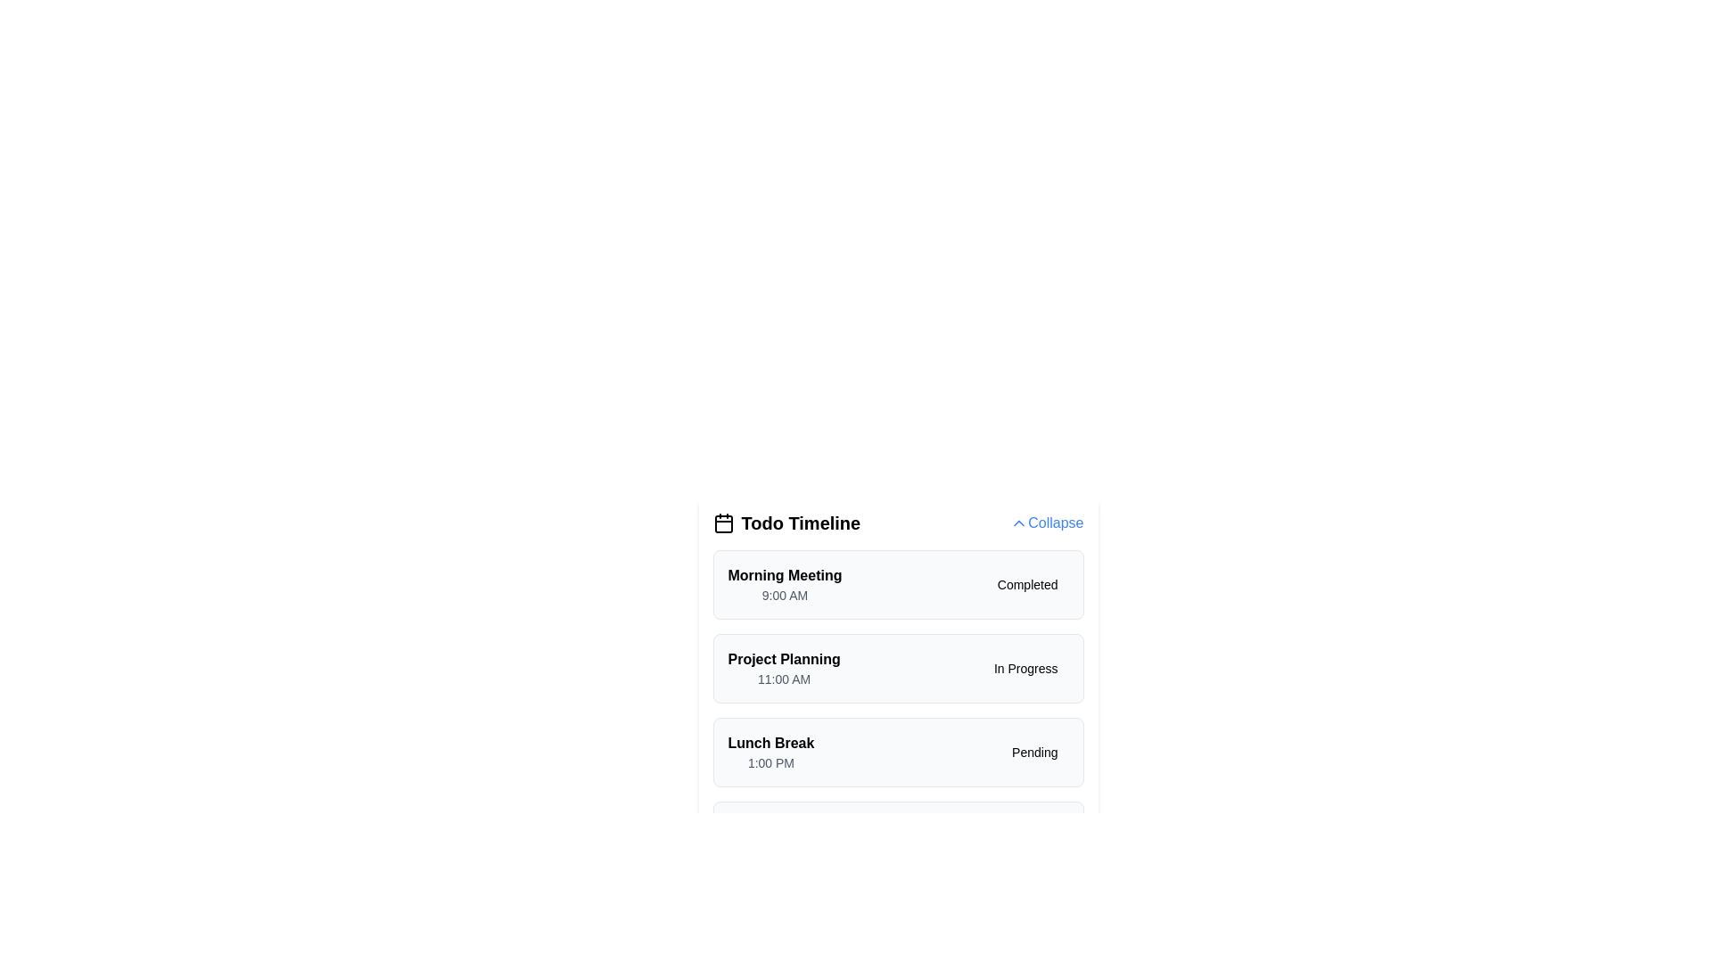  Describe the element at coordinates (785, 575) in the screenshot. I see `the text label displaying 'Morning Meeting', which is the first entry in the 'Todo Timeline' section` at that location.